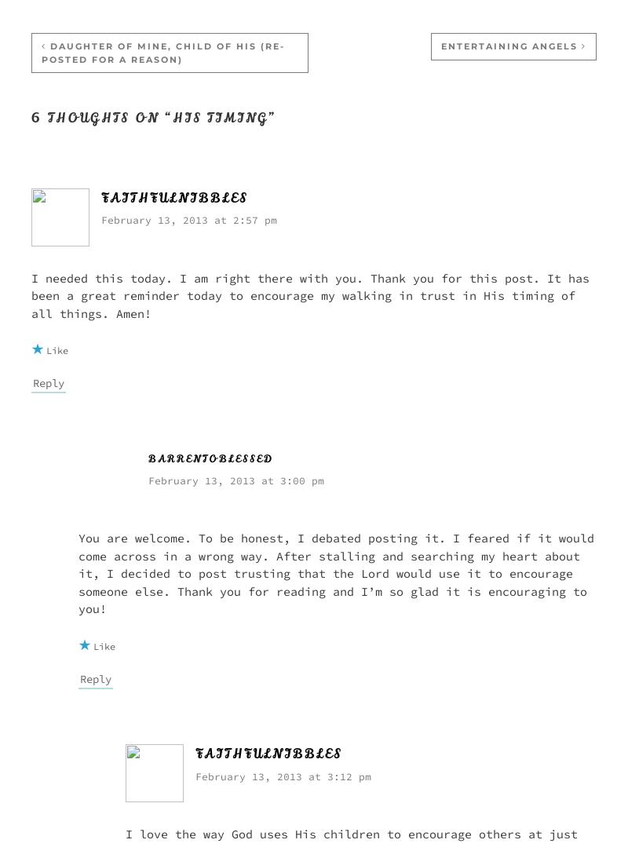 The width and height of the screenshot is (628, 847). I want to click on 'I needed this today. I  am right there with you. Thank you for this post. It has been a great reminder today to encourage my walking in trust in His timing of all things. Amen!', so click(309, 294).